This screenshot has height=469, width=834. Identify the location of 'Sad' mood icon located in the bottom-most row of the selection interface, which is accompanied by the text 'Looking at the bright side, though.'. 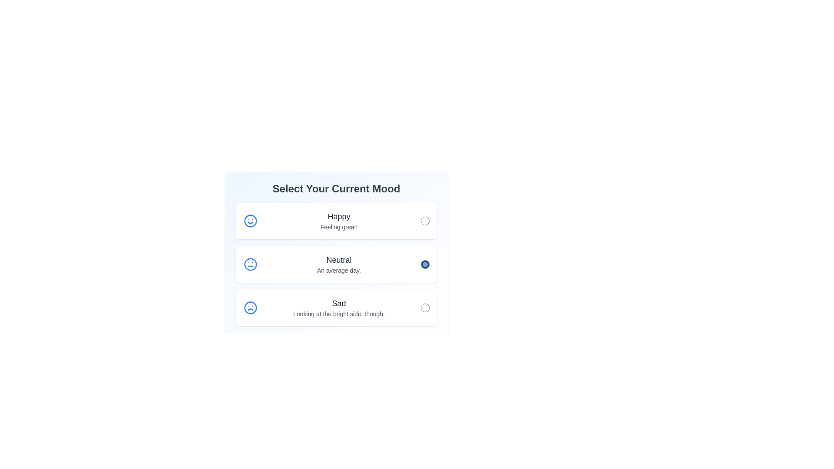
(250, 307).